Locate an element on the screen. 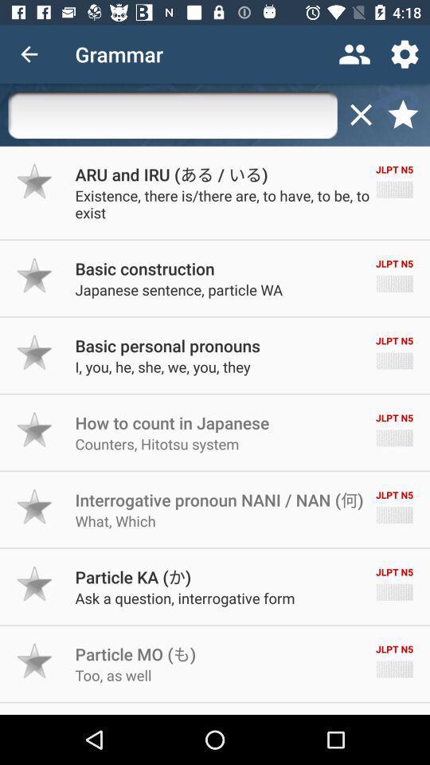 The image size is (430, 765). the icon to the left of the jlpt n5 item is located at coordinates (170, 174).